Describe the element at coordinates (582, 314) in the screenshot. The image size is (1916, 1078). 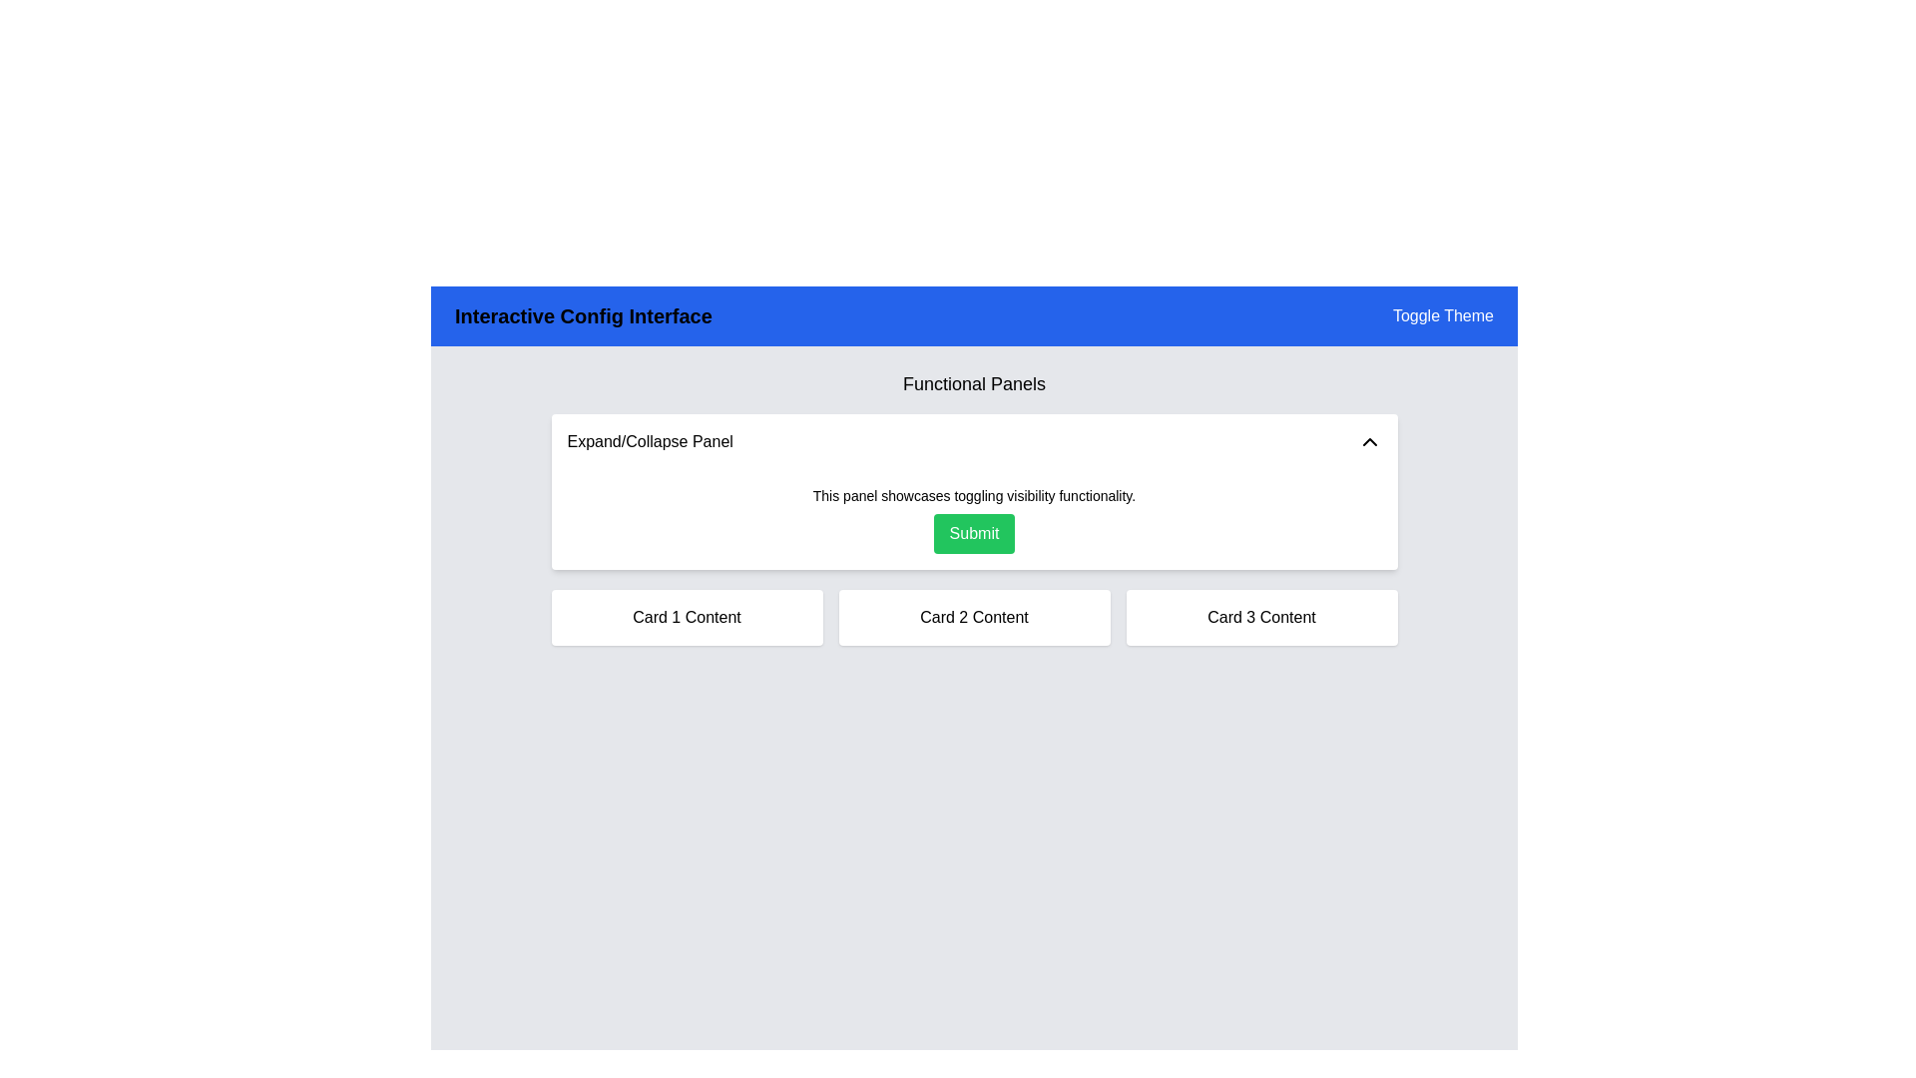
I see `the informational text label located at the top left corner of the interface header, to the left of the 'Toggle Theme' button` at that location.